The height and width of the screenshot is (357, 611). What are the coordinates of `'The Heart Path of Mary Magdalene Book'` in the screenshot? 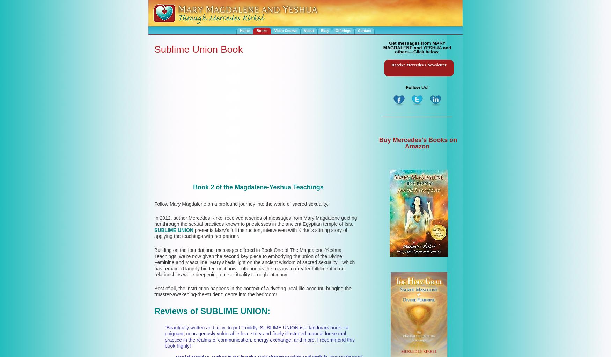 It's located at (302, 52).